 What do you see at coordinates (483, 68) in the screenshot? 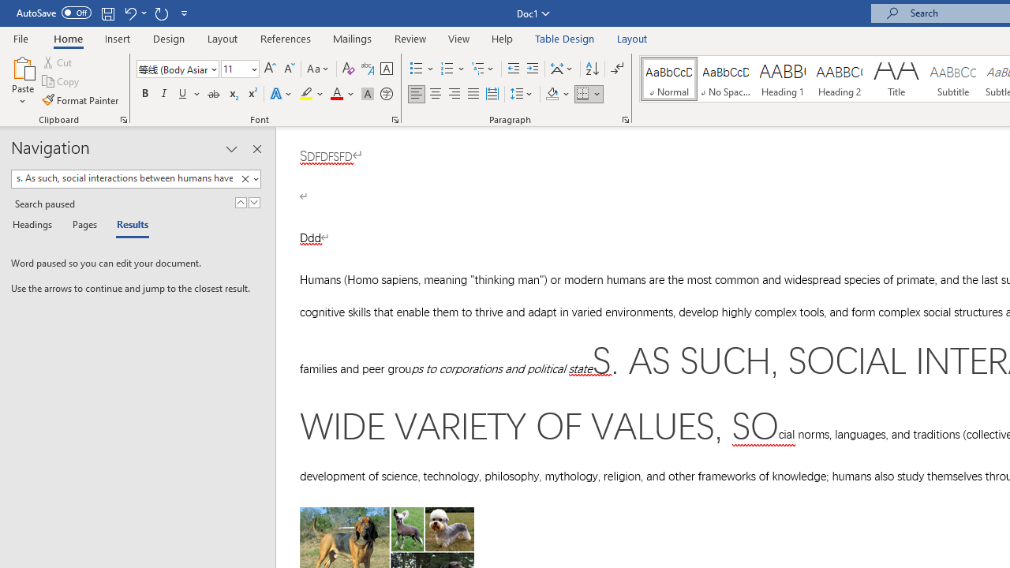
I see `'Multilevel List'` at bounding box center [483, 68].